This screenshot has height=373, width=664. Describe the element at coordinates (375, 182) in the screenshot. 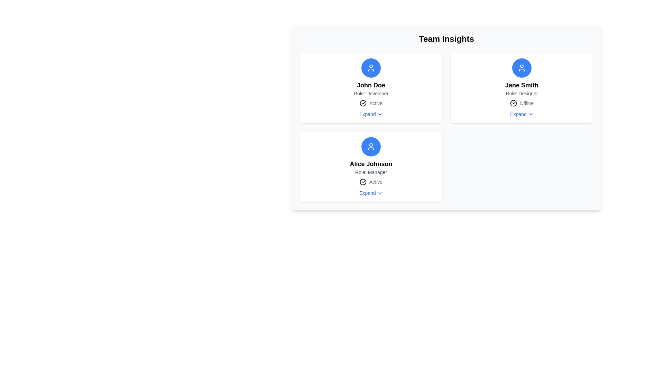

I see `the 'Active' text label located under the role designation in Alice Johnson's information card` at that location.